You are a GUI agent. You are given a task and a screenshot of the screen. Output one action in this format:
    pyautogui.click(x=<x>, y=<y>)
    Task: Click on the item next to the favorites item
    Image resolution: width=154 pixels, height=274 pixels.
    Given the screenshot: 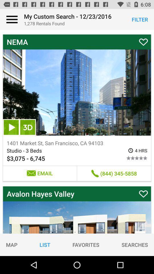 What is the action you would take?
    pyautogui.click(x=135, y=244)
    